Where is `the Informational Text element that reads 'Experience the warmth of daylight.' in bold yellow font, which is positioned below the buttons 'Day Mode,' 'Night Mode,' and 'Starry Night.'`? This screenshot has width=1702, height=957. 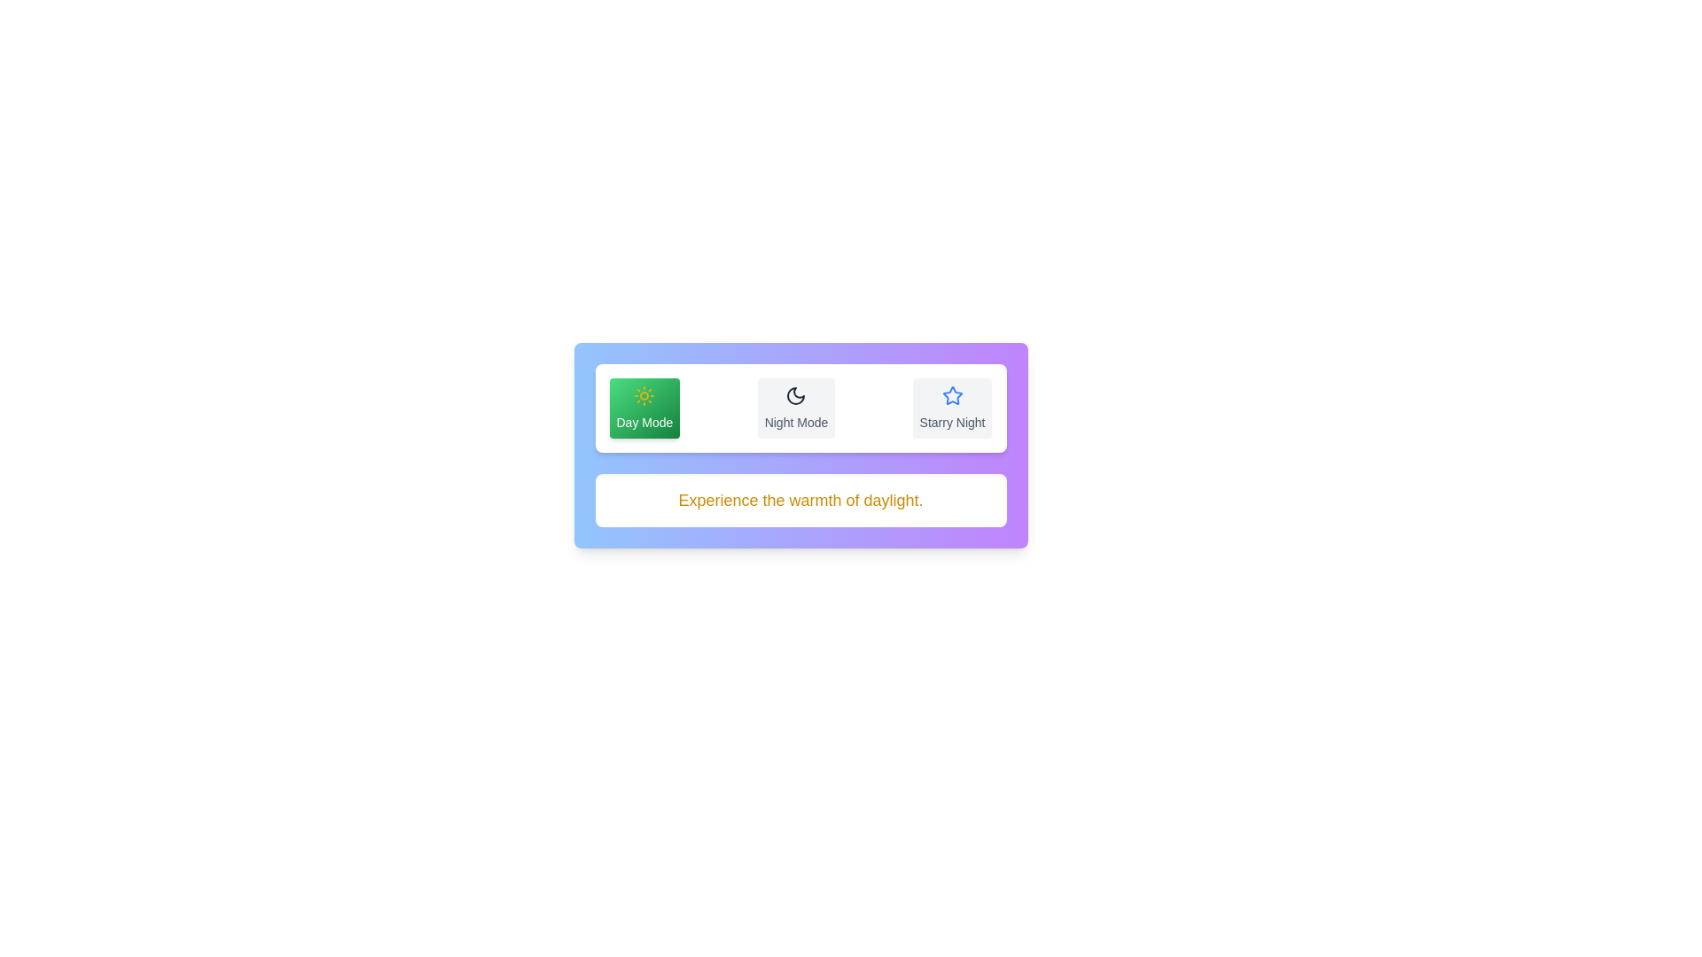
the Informational Text element that reads 'Experience the warmth of daylight.' in bold yellow font, which is positioned below the buttons 'Day Mode,' 'Night Mode,' and 'Starry Night.' is located at coordinates (800, 500).